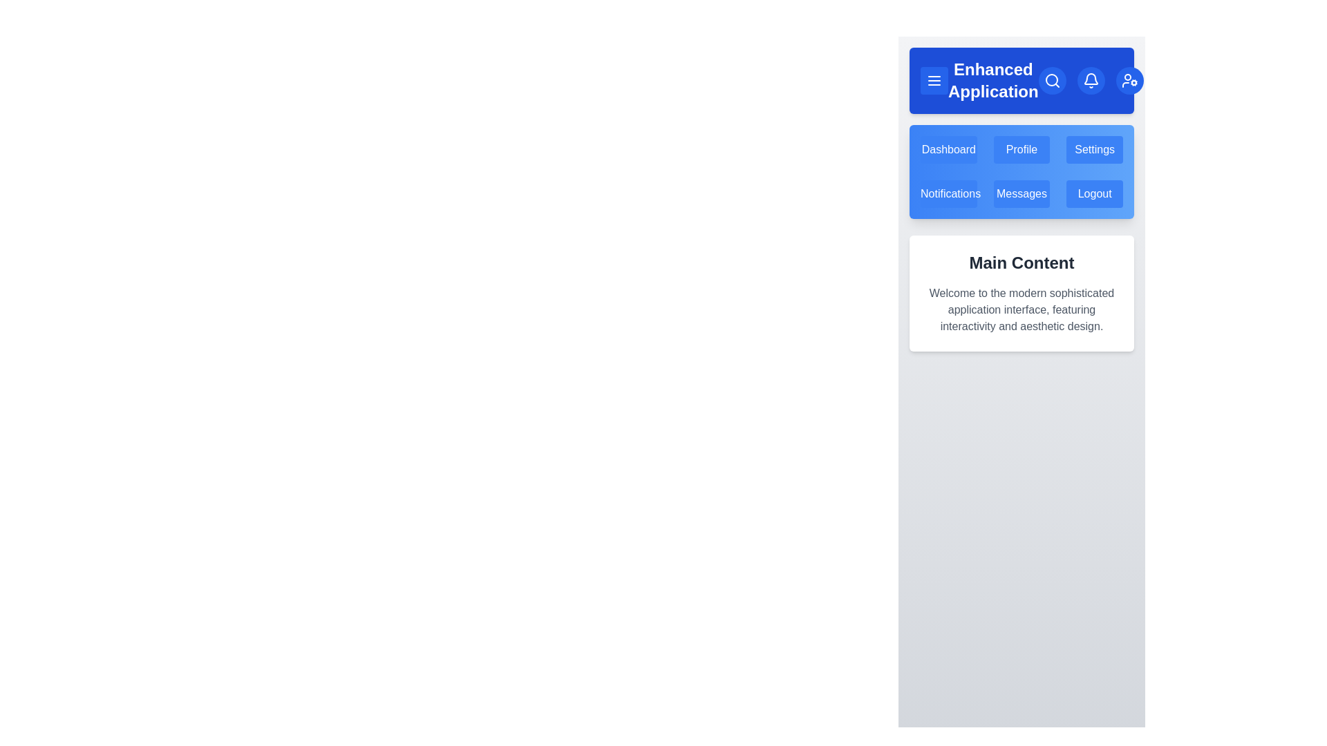 This screenshot has width=1327, height=746. What do you see at coordinates (934, 80) in the screenshot?
I see `menu button to toggle the menu visibility` at bounding box center [934, 80].